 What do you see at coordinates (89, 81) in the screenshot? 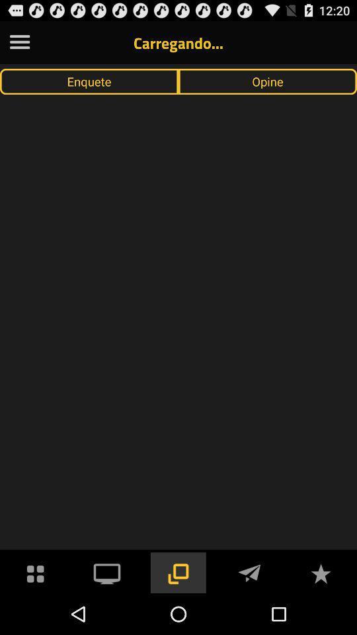
I see `the enquete` at bounding box center [89, 81].